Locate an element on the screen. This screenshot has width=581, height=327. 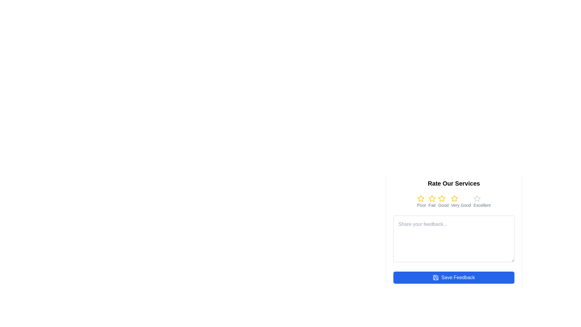
the second star in the rating system is located at coordinates (432, 198).